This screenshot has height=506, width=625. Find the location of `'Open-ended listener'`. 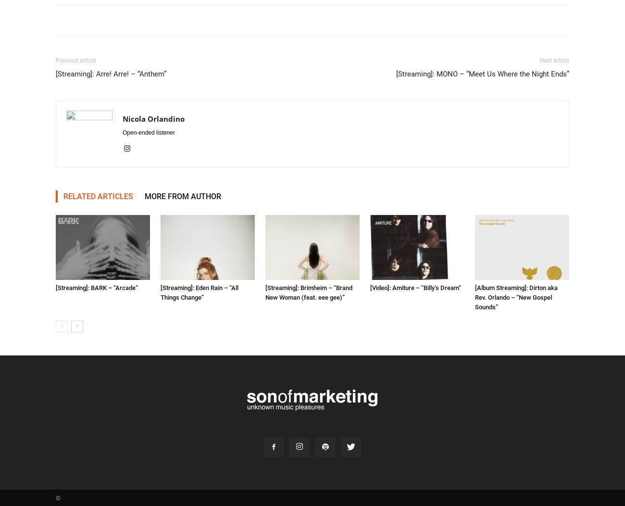

'Open-ended listener' is located at coordinates (149, 133).